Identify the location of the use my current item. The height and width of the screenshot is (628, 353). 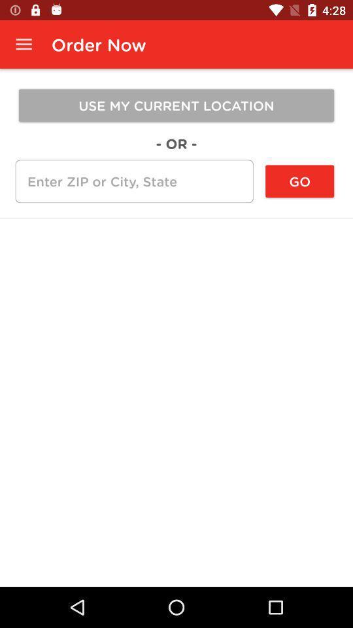
(176, 105).